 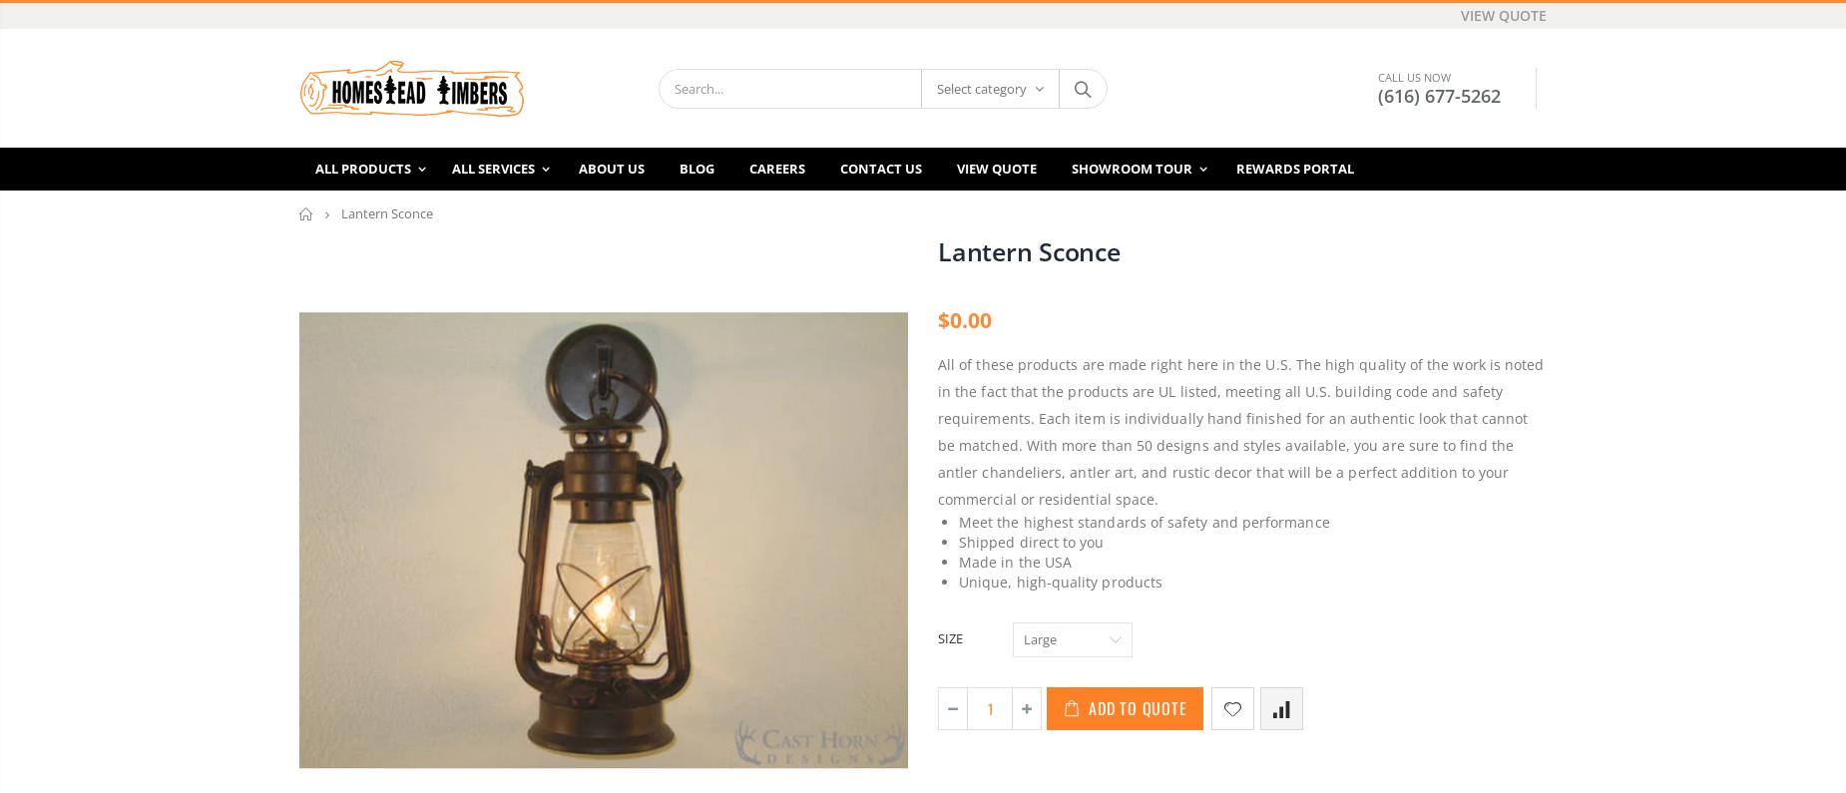 I want to click on 'RECLAIMED LUMBER', so click(x=1222, y=222).